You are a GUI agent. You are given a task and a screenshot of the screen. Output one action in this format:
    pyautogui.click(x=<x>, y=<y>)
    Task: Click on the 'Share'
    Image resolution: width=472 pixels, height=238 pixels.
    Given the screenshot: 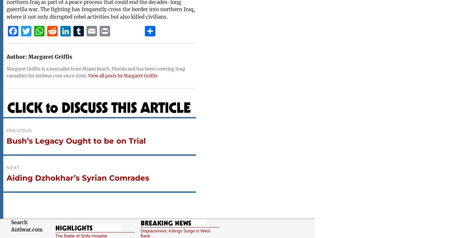 What is the action you would take?
    pyautogui.click(x=160, y=47)
    